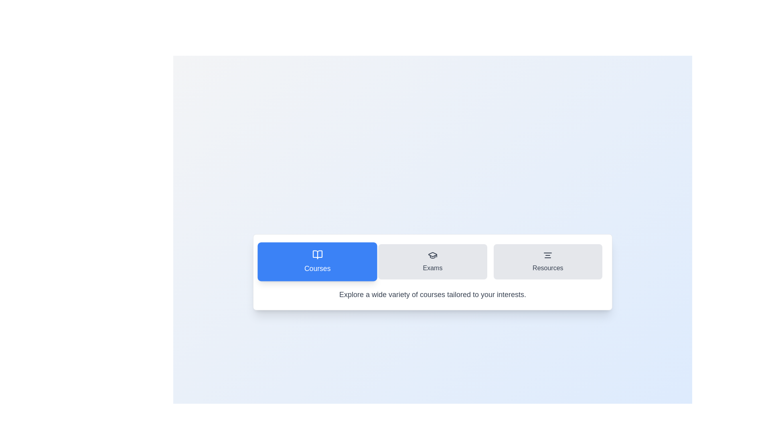 The width and height of the screenshot is (770, 433). What do you see at coordinates (317, 261) in the screenshot?
I see `the Courses tab by clicking its button` at bounding box center [317, 261].